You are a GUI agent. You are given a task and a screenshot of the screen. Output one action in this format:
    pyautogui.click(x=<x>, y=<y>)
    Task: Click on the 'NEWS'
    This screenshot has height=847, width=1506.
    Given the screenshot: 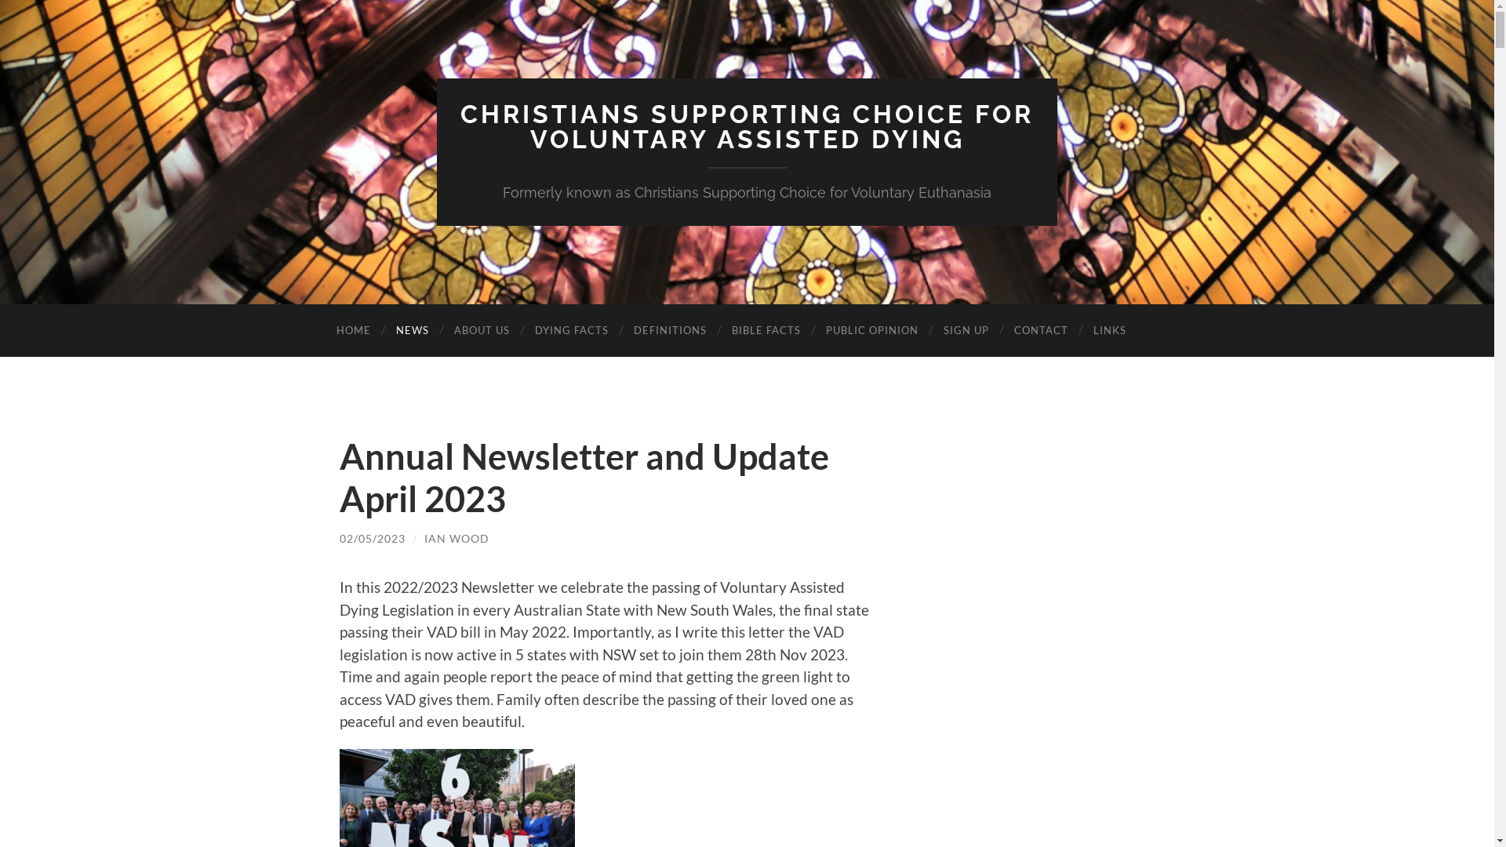 What is the action you would take?
    pyautogui.click(x=411, y=329)
    